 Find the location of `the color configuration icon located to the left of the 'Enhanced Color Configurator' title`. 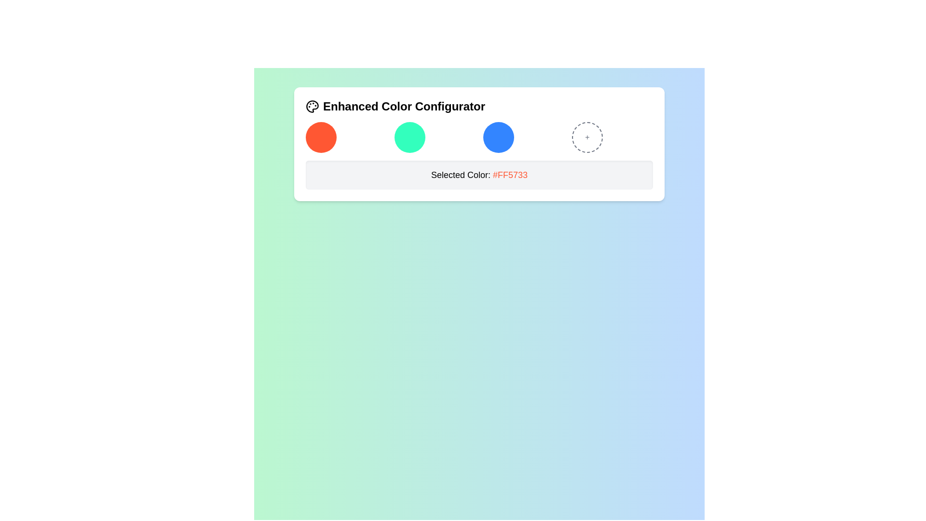

the color configuration icon located to the left of the 'Enhanced Color Configurator' title is located at coordinates (313, 106).